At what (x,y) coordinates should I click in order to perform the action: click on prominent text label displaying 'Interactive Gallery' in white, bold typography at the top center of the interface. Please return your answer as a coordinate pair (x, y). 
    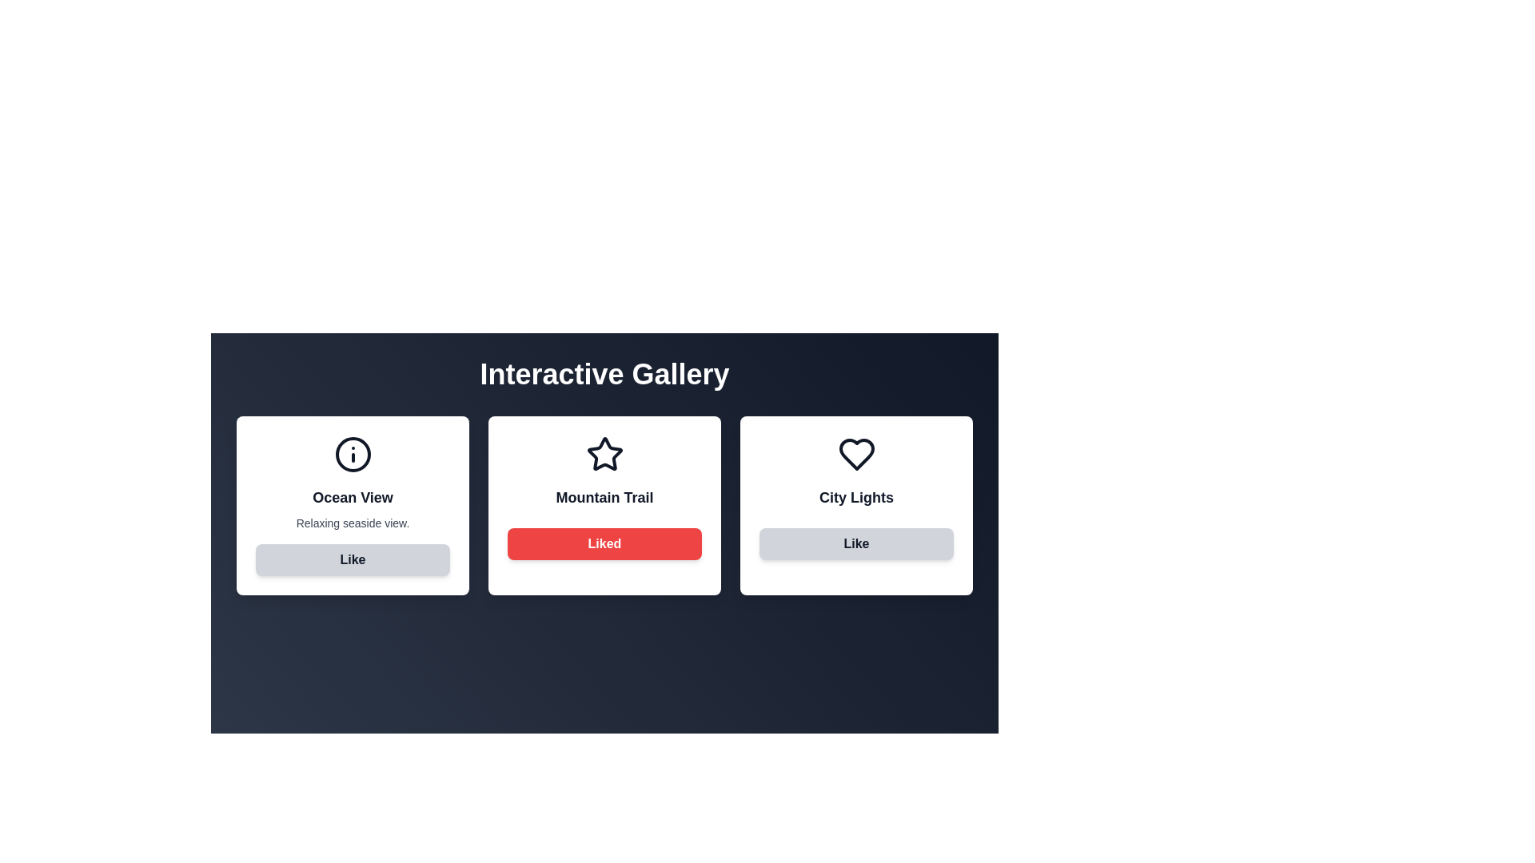
    Looking at the image, I should click on (604, 375).